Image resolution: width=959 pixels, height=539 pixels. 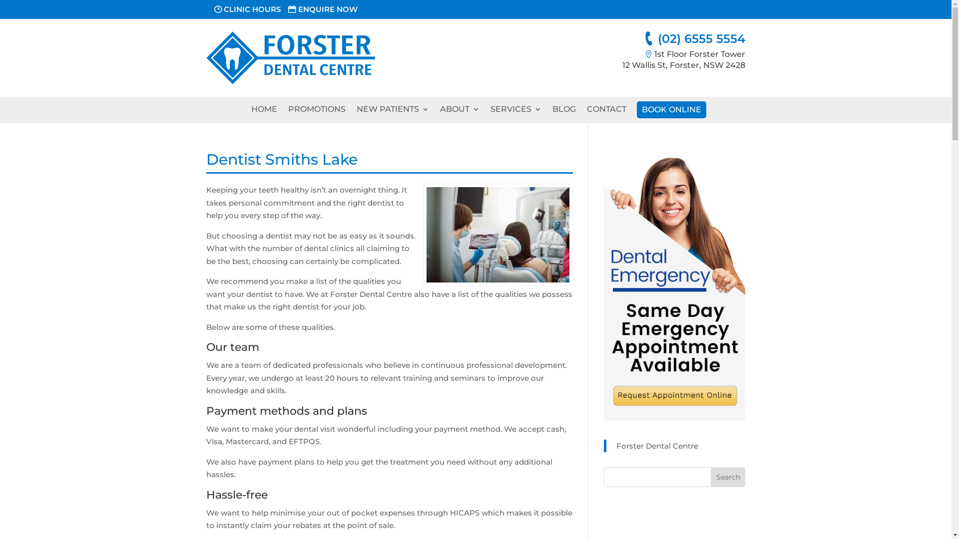 I want to click on 'FDC-Logo', so click(x=289, y=57).